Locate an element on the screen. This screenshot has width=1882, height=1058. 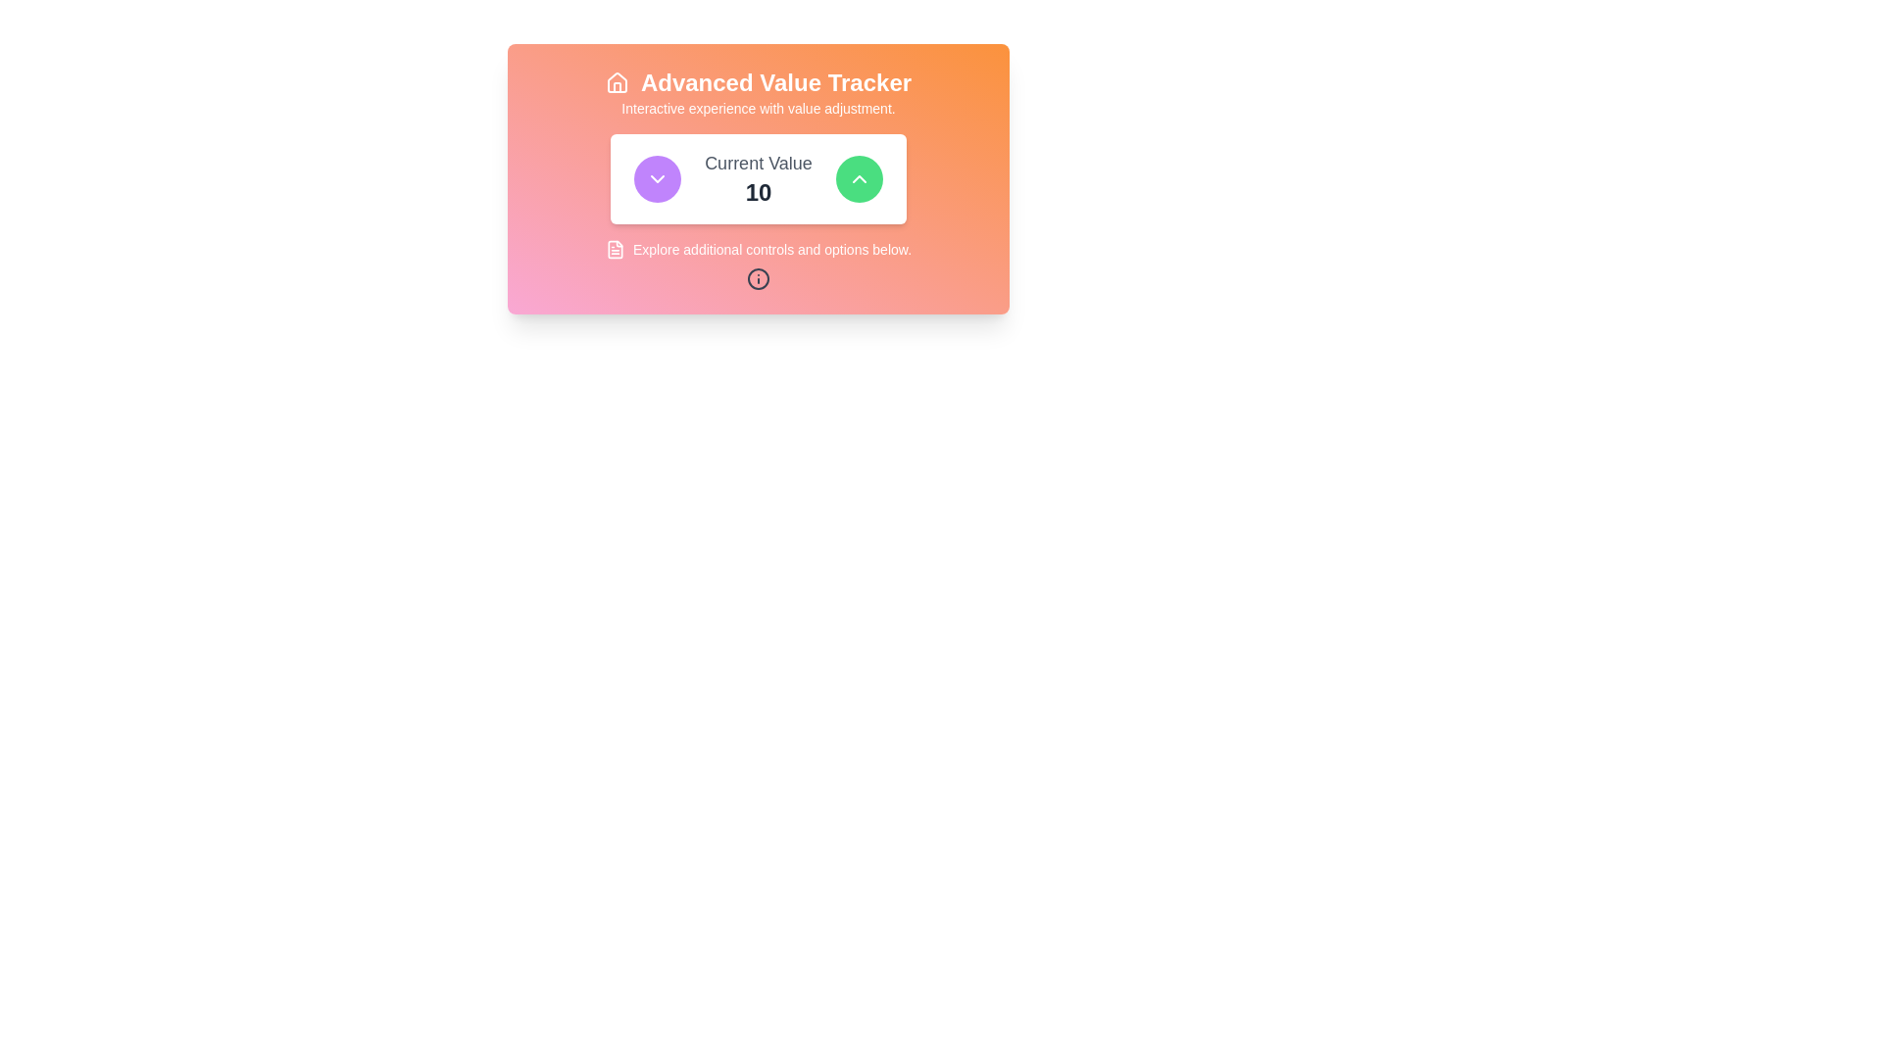
the information icon, which is a gray circular outline containing the letter 'i', located at the bottom center of the additional controls section is located at coordinates (757, 279).